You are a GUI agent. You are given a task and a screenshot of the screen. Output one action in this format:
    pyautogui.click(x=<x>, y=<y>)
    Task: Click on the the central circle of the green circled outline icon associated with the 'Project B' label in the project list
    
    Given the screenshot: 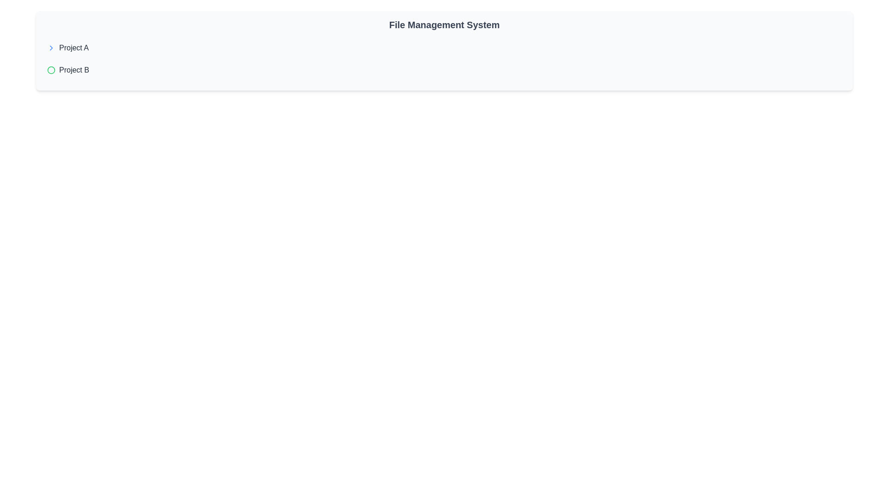 What is the action you would take?
    pyautogui.click(x=50, y=69)
    